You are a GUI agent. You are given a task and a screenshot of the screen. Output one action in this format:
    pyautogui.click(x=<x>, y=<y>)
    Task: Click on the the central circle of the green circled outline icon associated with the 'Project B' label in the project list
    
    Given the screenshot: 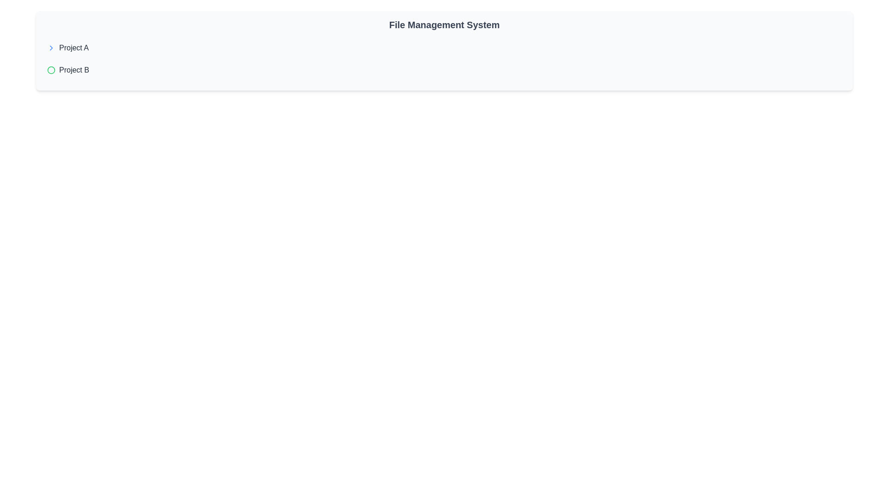 What is the action you would take?
    pyautogui.click(x=50, y=69)
    